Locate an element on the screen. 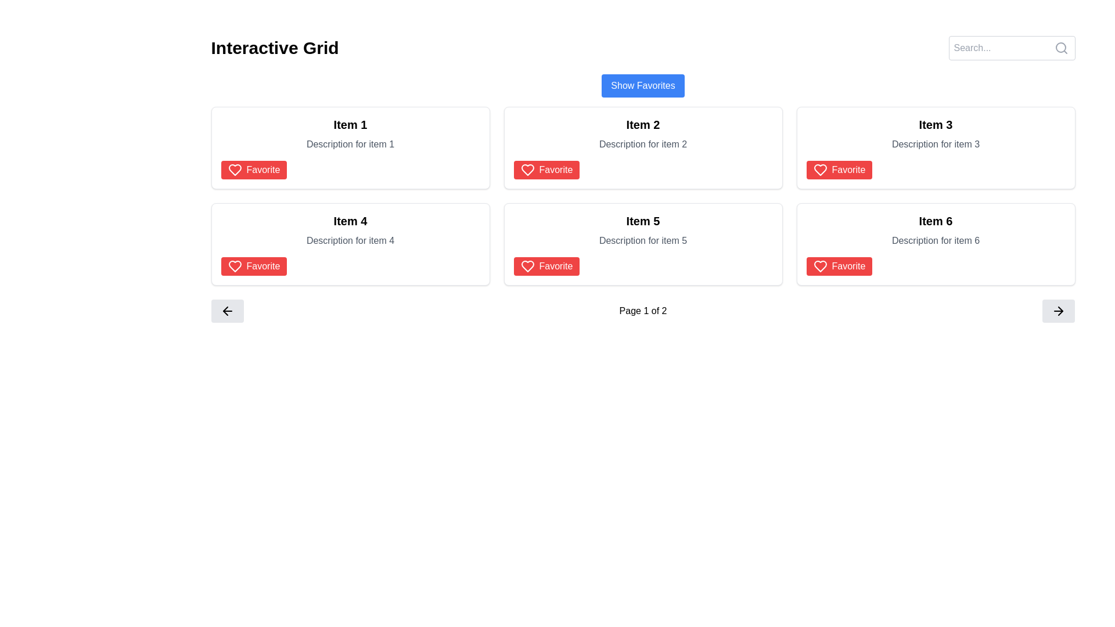  the header text 'Interactive Grid' which is displayed in bold, large font size and is positioned prominently near the top-left of the interface is located at coordinates (274, 48).